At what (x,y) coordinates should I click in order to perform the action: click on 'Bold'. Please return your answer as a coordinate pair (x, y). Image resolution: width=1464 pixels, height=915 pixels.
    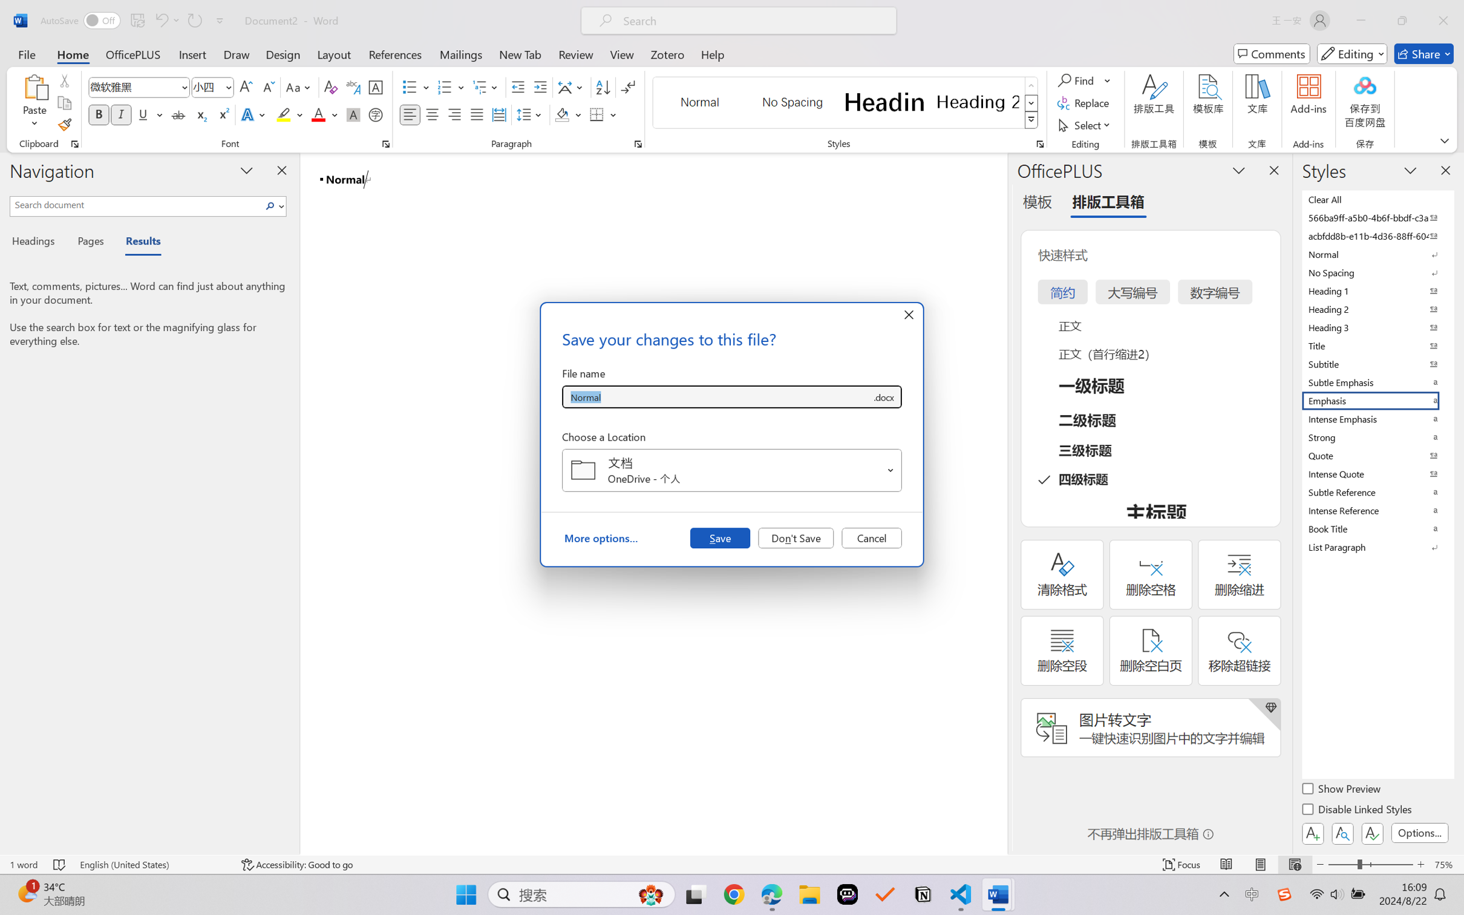
    Looking at the image, I should click on (99, 114).